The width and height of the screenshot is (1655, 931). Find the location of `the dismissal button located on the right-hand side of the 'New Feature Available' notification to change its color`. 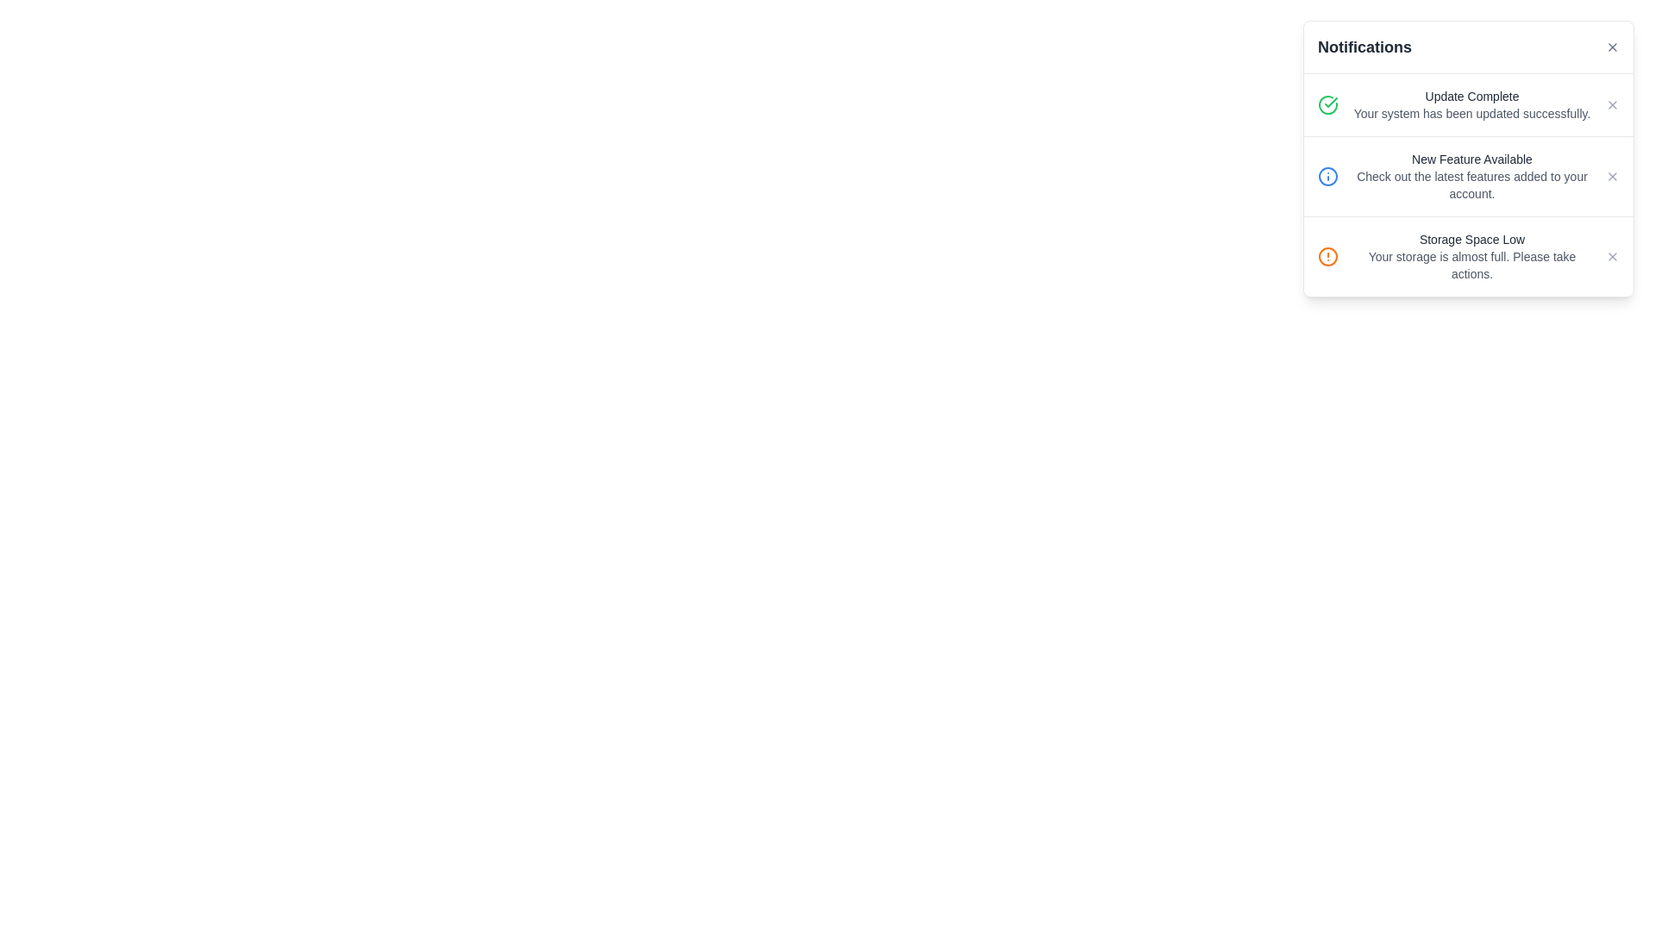

the dismissal button located on the right-hand side of the 'New Feature Available' notification to change its color is located at coordinates (1612, 176).